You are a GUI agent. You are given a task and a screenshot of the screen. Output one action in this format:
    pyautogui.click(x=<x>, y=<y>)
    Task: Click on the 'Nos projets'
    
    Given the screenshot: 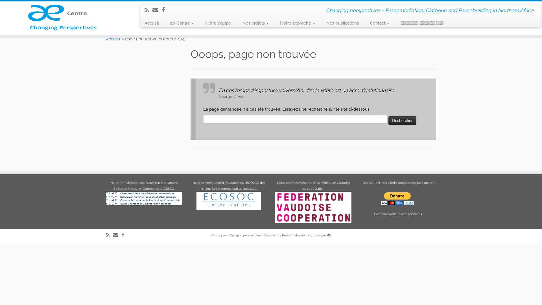 What is the action you would take?
    pyautogui.click(x=255, y=23)
    